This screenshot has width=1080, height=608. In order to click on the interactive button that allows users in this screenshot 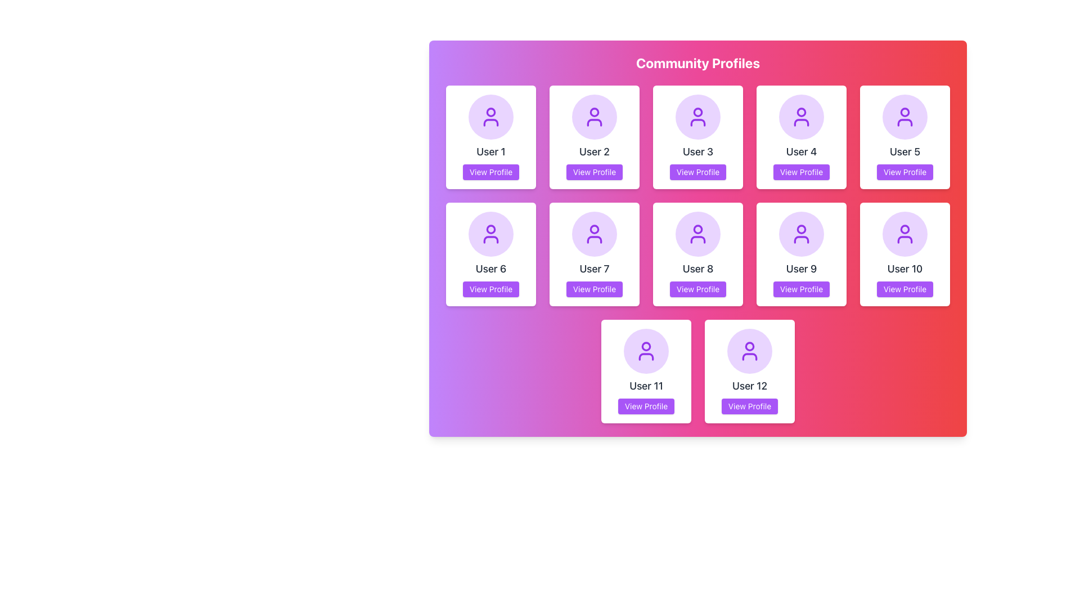, I will do `click(801, 288)`.